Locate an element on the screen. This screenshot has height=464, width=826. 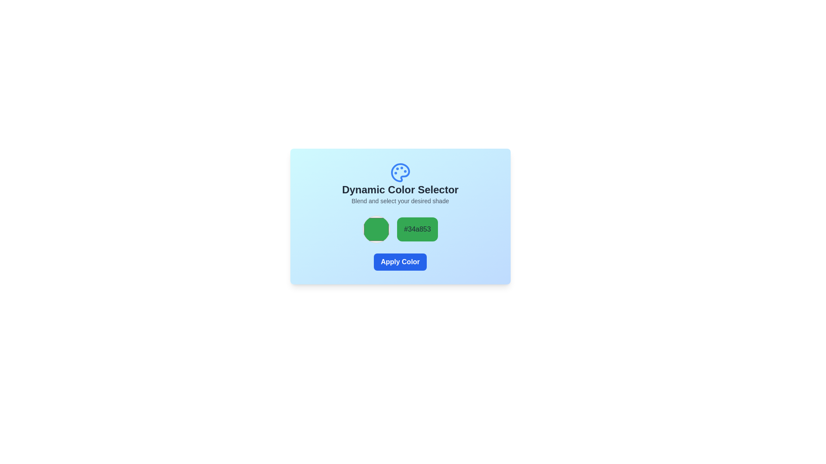
the text-display element that shows the color code (#34a853) in the Dynamic Color Selector section, positioned above the Apply Color button is located at coordinates (400, 229).